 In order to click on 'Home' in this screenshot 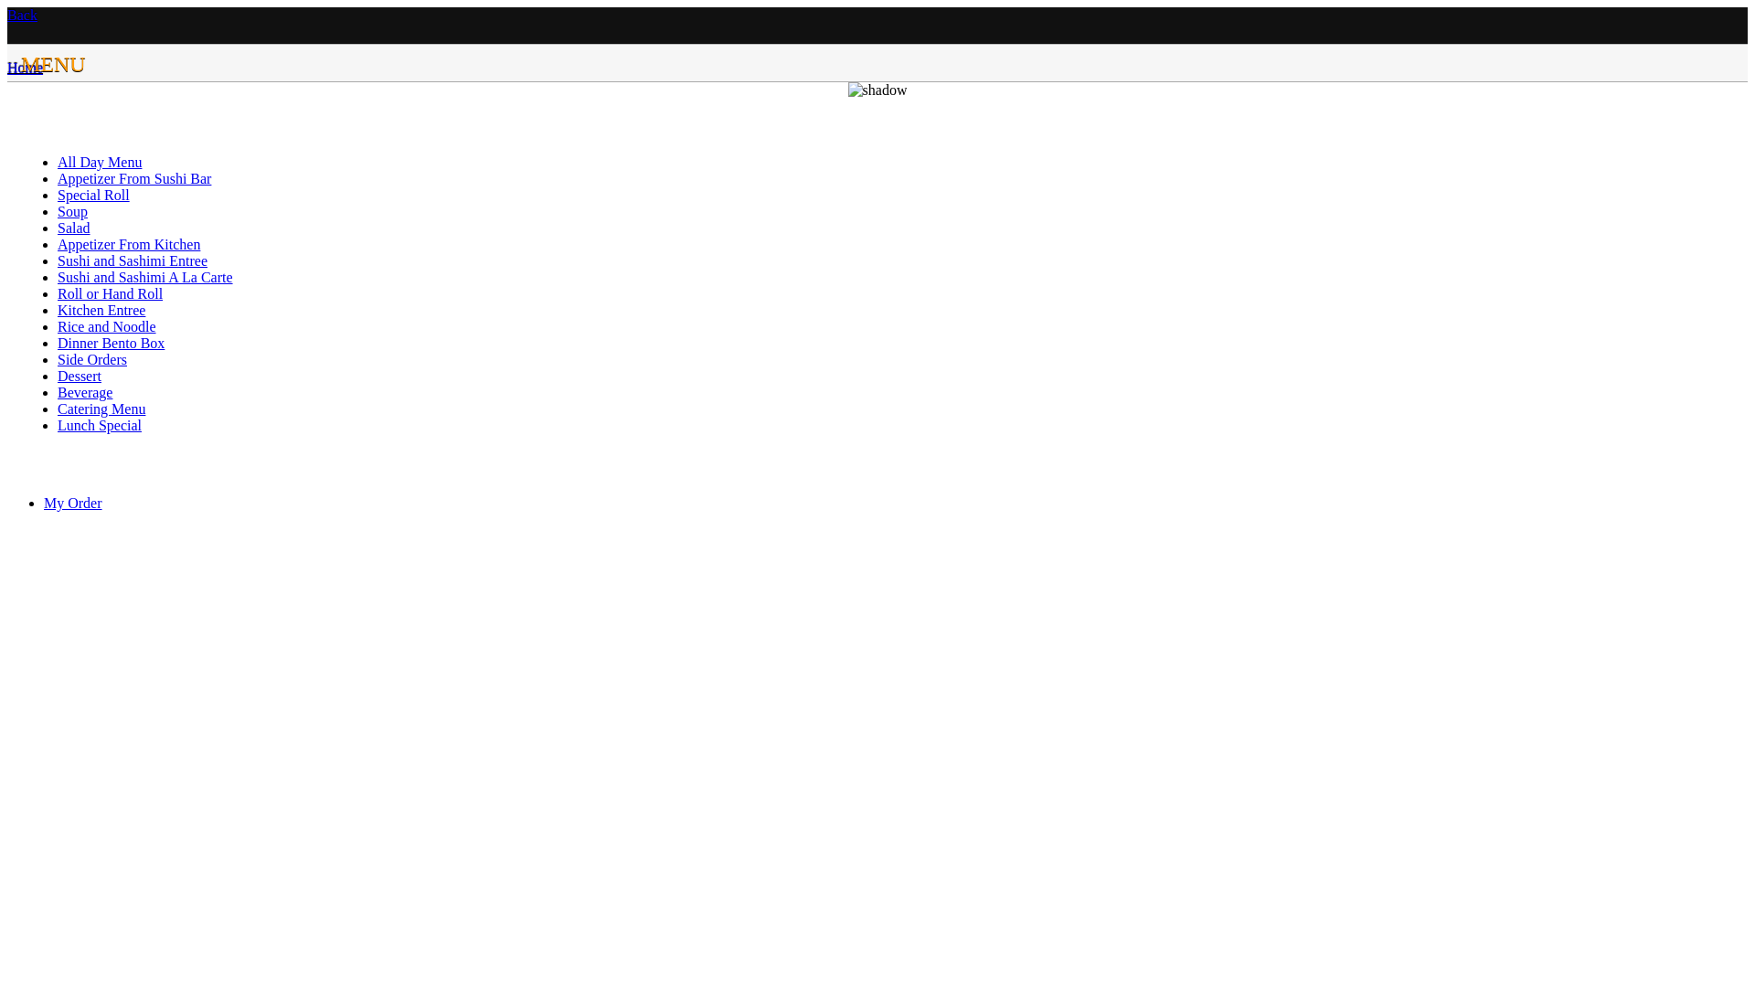, I will do `click(7, 67)`.